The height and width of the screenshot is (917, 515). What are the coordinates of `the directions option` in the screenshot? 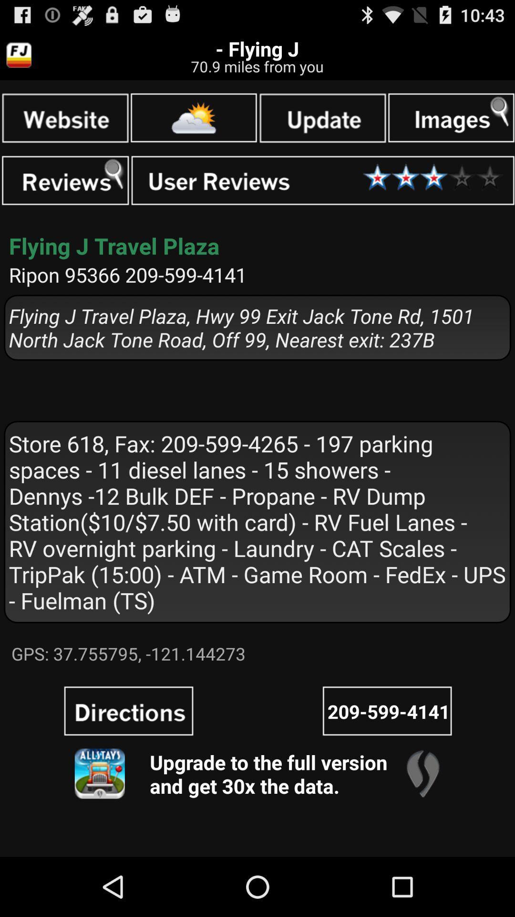 It's located at (129, 711).